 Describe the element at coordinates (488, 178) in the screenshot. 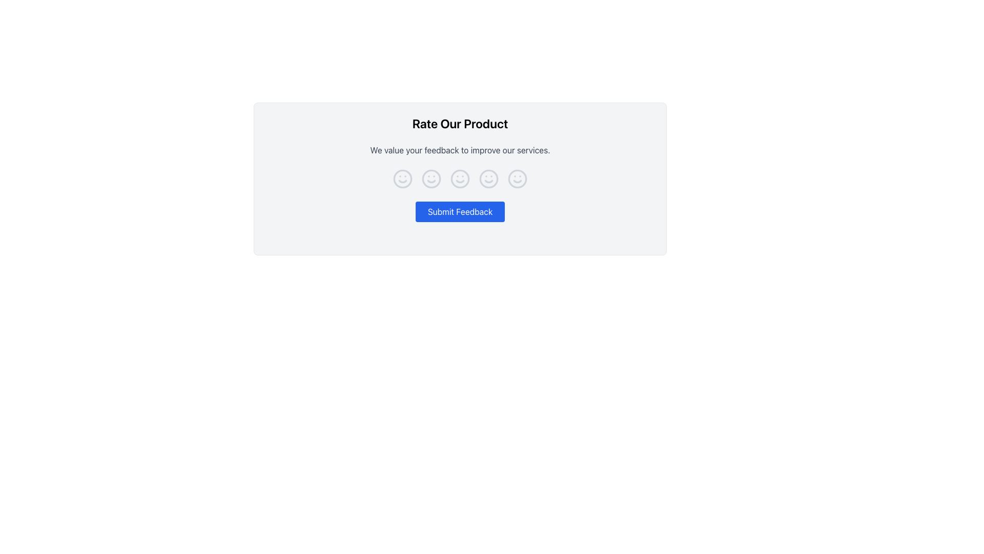

I see `the circular element of the smiling face icon, which is the third icon in a sequence of five, positioned below the feedback text and above the 'Submit Feedback' button` at that location.